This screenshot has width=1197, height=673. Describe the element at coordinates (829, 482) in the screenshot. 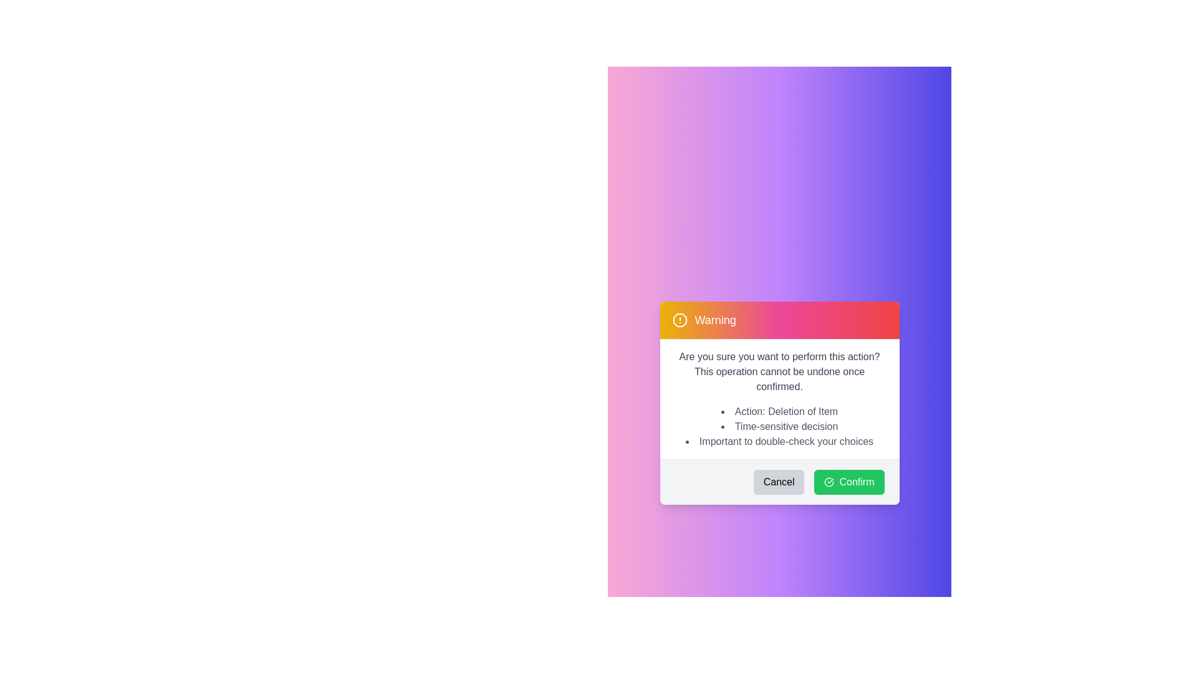

I see `the circular confirmation icon with a checkmark inside, located at the bottom right of the dialog, which is part of the 'Confirm' button` at that location.